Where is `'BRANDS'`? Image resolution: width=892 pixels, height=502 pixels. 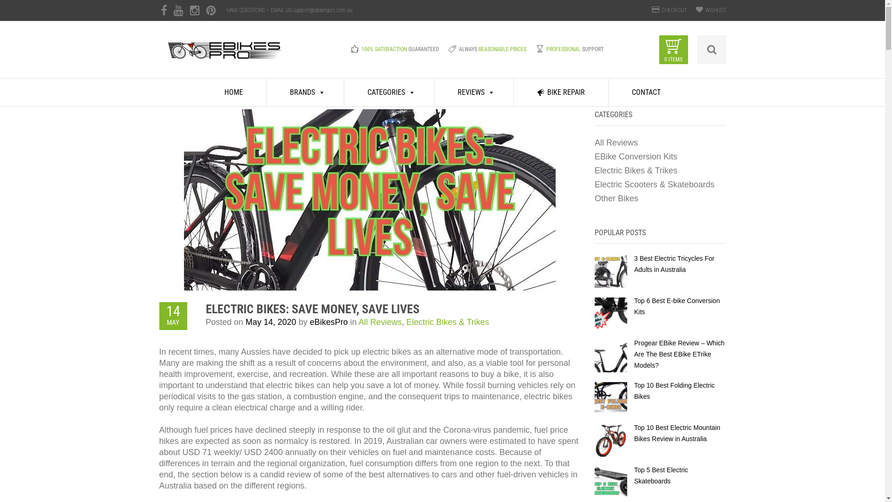
'BRANDS' is located at coordinates (305, 92).